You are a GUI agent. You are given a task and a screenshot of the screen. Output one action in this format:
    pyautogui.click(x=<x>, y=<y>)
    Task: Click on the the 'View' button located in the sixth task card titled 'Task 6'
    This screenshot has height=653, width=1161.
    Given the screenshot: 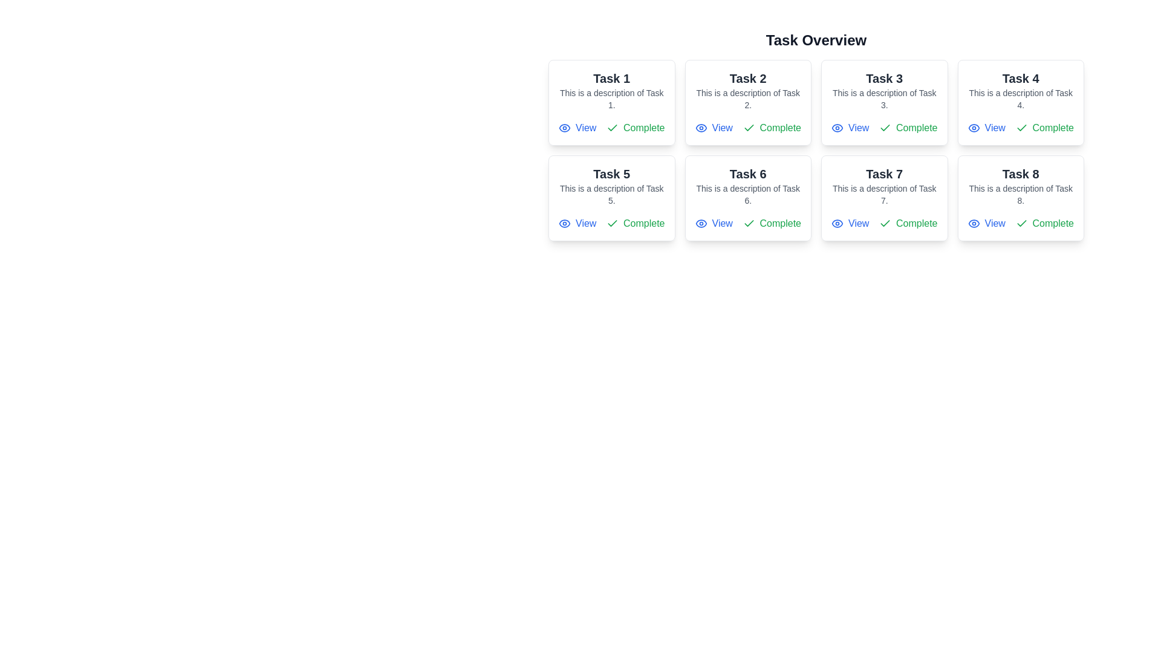 What is the action you would take?
    pyautogui.click(x=714, y=224)
    